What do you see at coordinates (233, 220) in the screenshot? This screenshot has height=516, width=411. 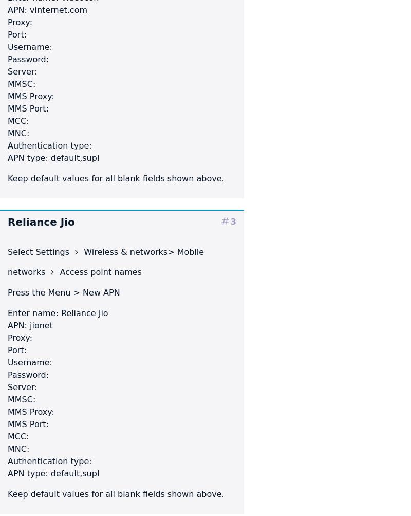 I see `'3'` at bounding box center [233, 220].